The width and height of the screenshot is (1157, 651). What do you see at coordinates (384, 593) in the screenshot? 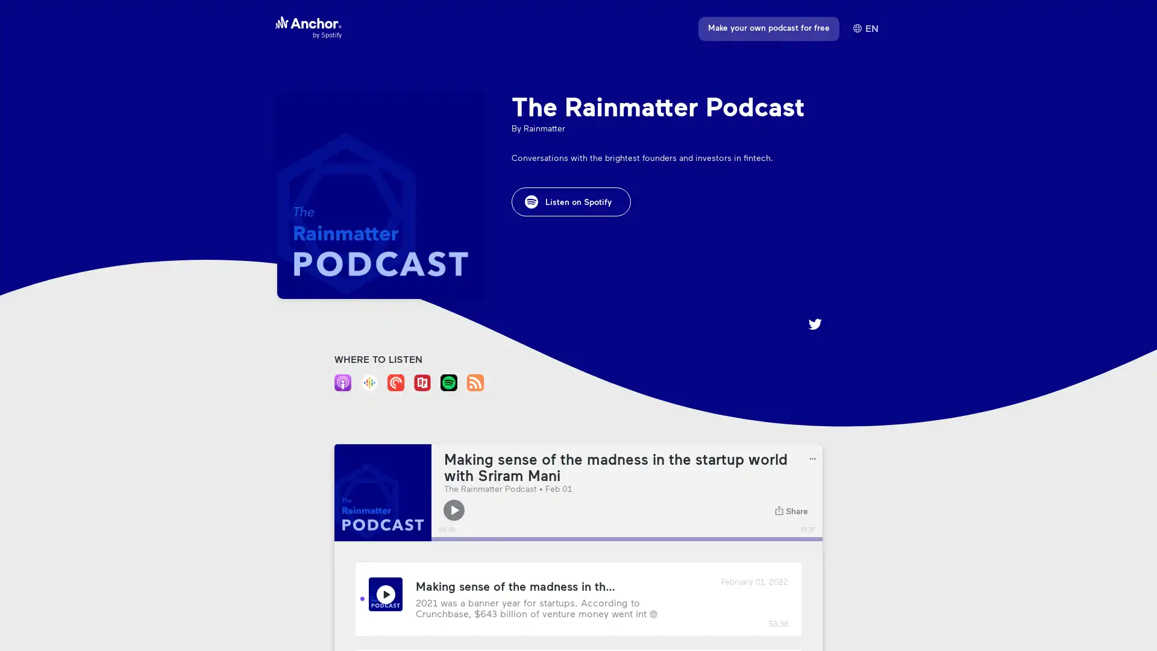
I see `Play episode: Making sense of the madness in the startup world with Sriram Mani` at bounding box center [384, 593].